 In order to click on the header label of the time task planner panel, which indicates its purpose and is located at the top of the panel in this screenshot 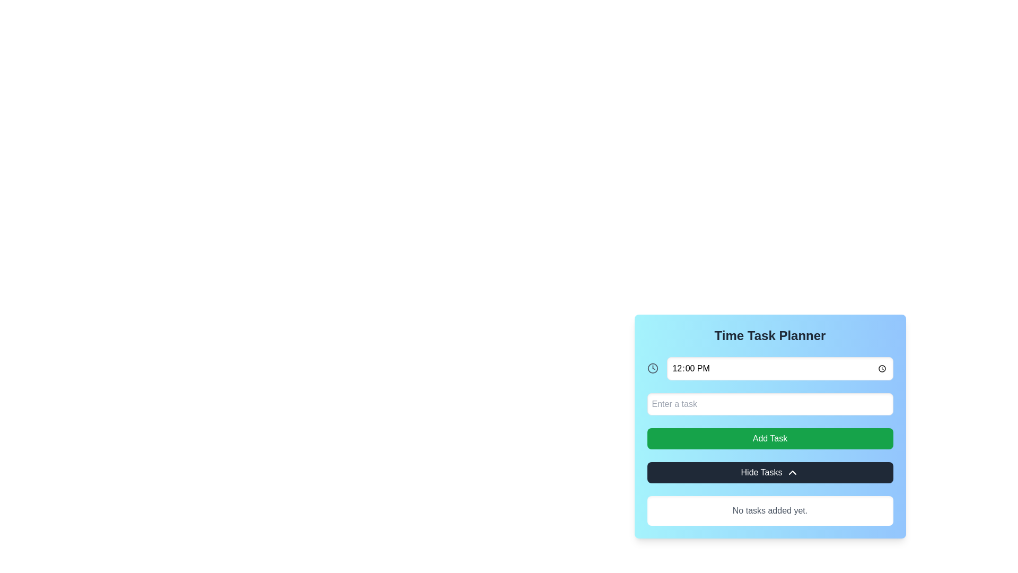, I will do `click(770, 335)`.